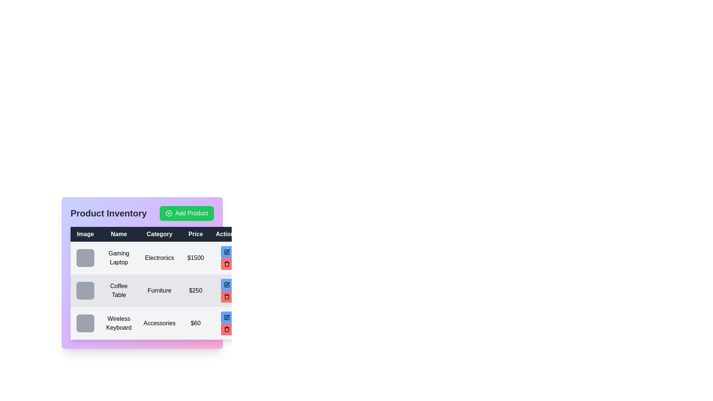 This screenshot has width=713, height=401. Describe the element at coordinates (226, 284) in the screenshot. I see `the SVG icon that appears as a square with rounded corners, which is located in the 'Actions' column of the second row of the product inventory table` at that location.